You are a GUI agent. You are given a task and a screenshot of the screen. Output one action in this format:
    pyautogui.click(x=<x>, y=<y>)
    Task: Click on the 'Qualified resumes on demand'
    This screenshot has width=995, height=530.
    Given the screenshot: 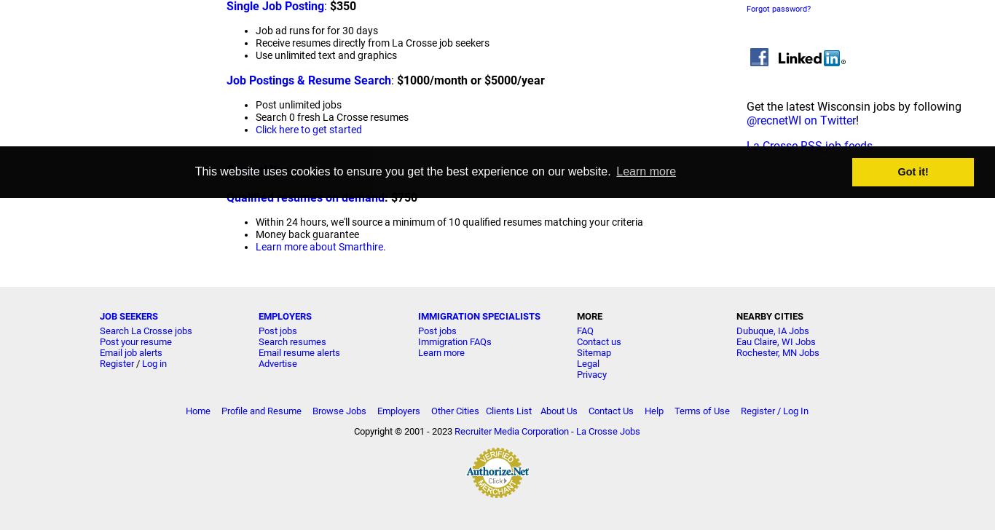 What is the action you would take?
    pyautogui.click(x=227, y=197)
    